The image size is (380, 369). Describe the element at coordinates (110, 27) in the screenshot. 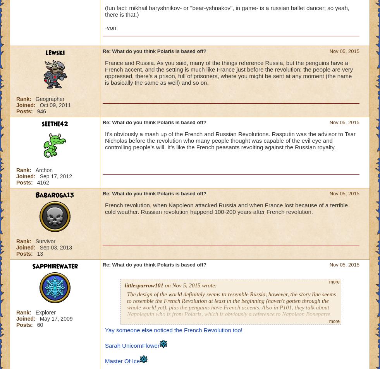

I see `'-von'` at that location.